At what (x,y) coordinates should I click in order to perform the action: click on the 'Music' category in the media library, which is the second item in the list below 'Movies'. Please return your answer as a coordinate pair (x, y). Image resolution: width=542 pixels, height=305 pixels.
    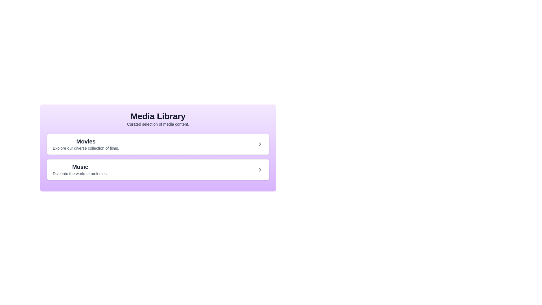
    Looking at the image, I should click on (80, 169).